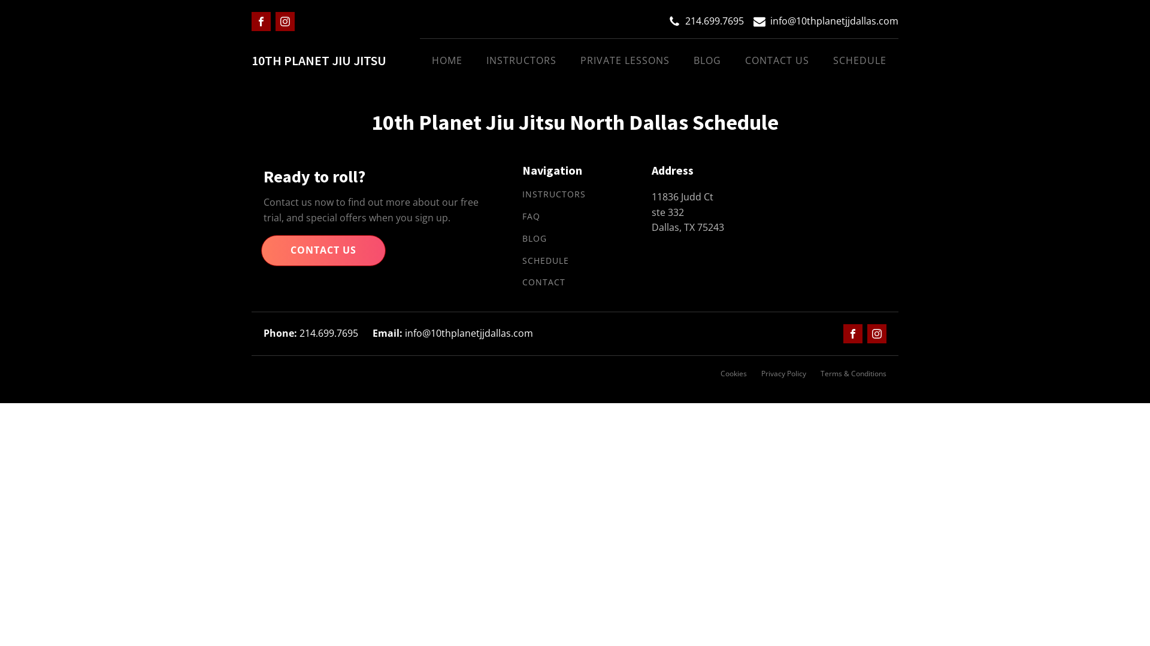 The height and width of the screenshot is (646, 1150). Describe the element at coordinates (833, 21) in the screenshot. I see `'info@10thplanetjjdallas.com'` at that location.